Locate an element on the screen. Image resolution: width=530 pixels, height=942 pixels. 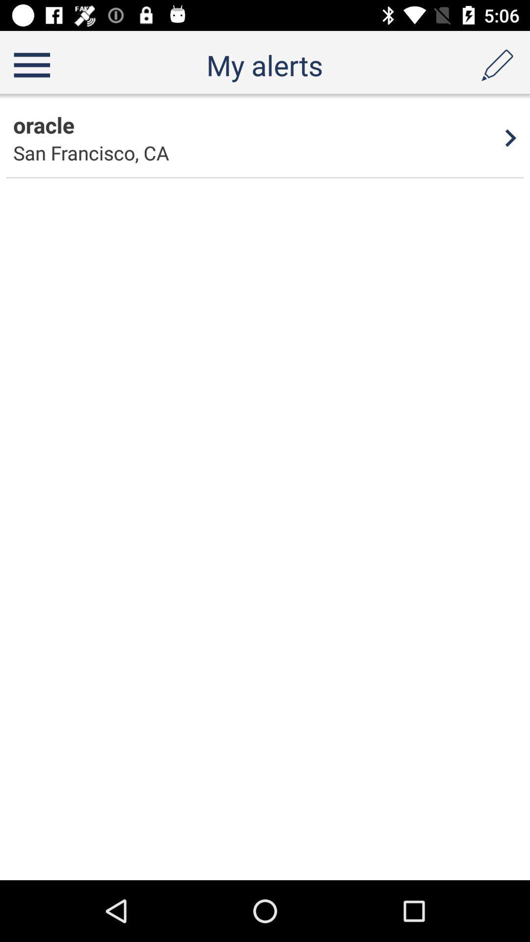
app next to the 4 item is located at coordinates (43, 124).